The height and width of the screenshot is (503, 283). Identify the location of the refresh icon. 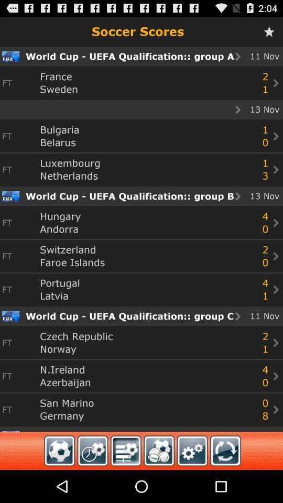
(225, 483).